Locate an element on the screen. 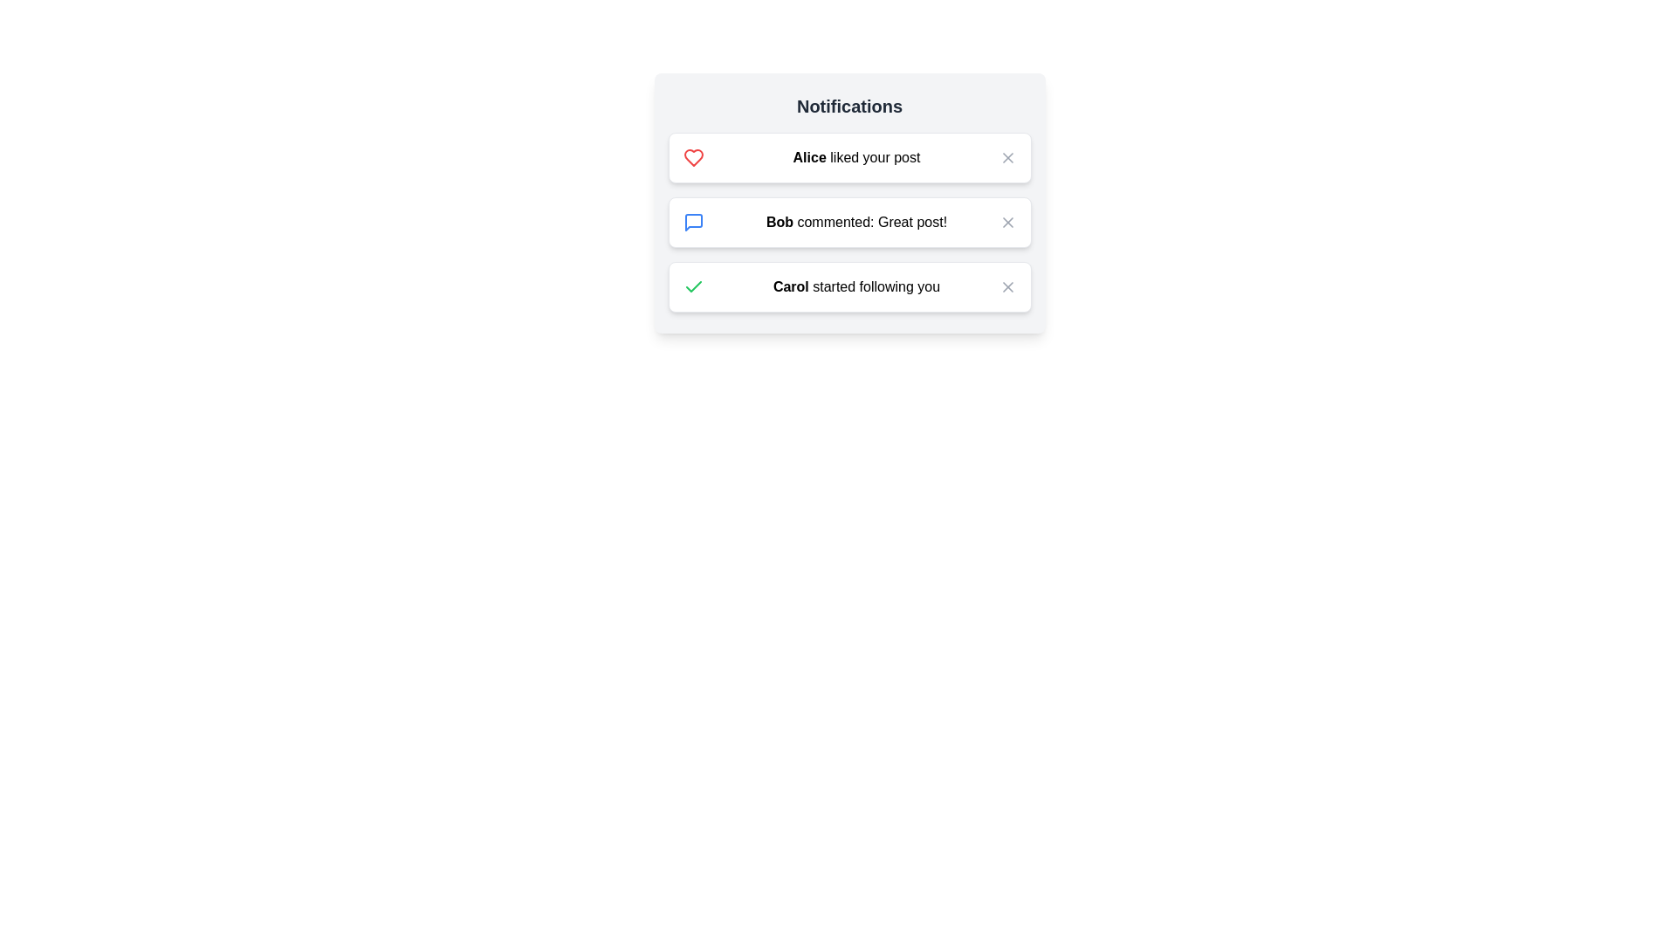 The image size is (1676, 943). the notification from the first notification box indicating that 'Alice' liked the user's post is located at coordinates (849, 158).